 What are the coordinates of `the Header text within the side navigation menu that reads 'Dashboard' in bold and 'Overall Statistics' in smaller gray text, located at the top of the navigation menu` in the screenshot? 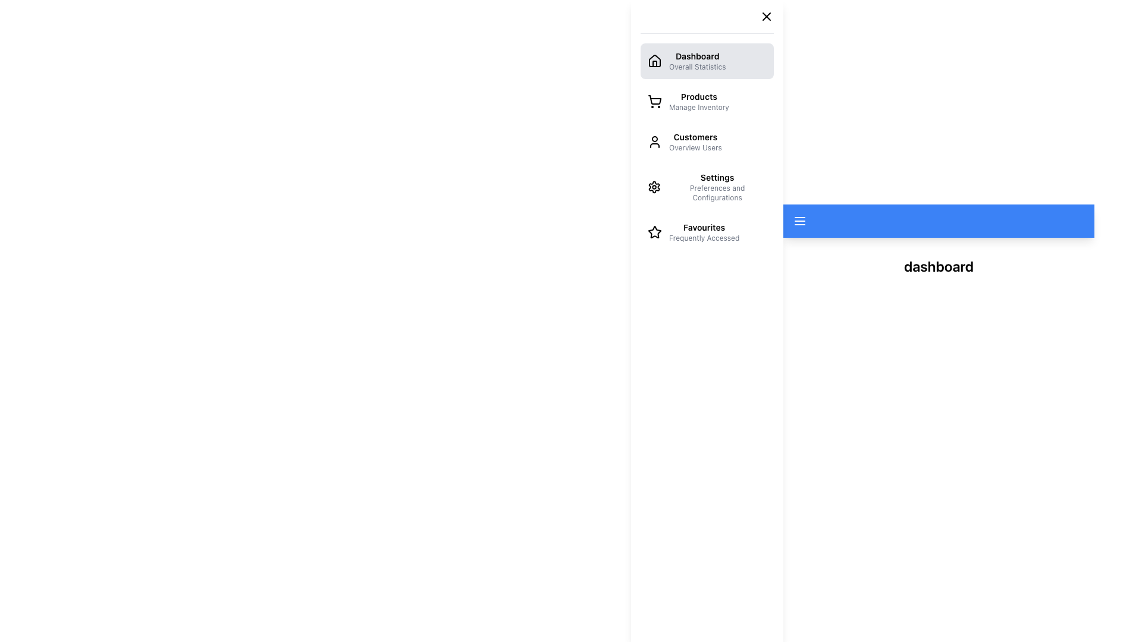 It's located at (697, 61).